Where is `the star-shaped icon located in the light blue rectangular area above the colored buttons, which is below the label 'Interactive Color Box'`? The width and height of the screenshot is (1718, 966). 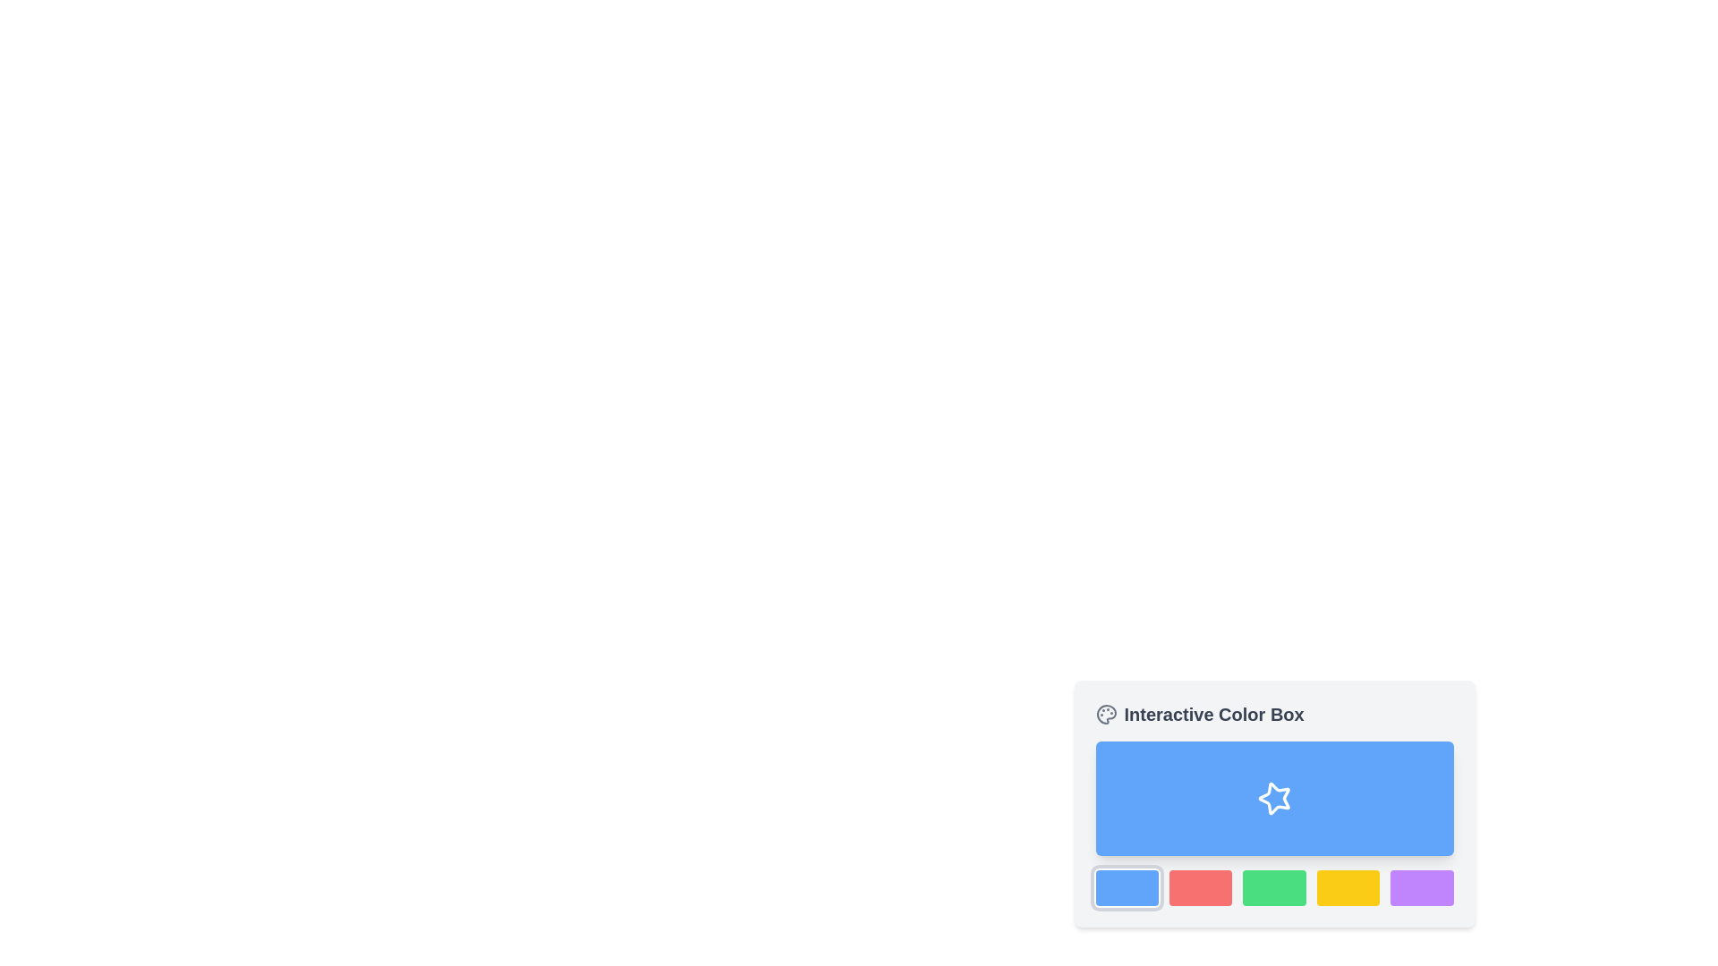 the star-shaped icon located in the light blue rectangular area above the colored buttons, which is below the label 'Interactive Color Box' is located at coordinates (1273, 798).